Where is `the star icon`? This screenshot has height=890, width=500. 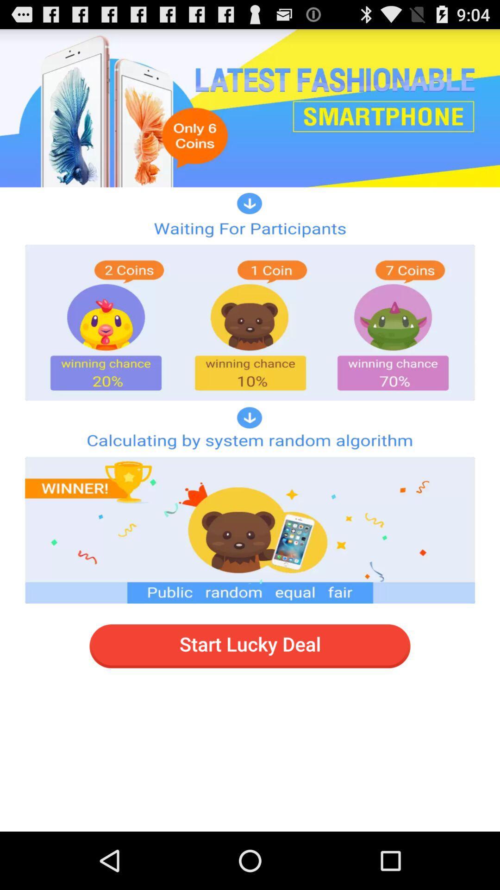
the star icon is located at coordinates (449, 64).